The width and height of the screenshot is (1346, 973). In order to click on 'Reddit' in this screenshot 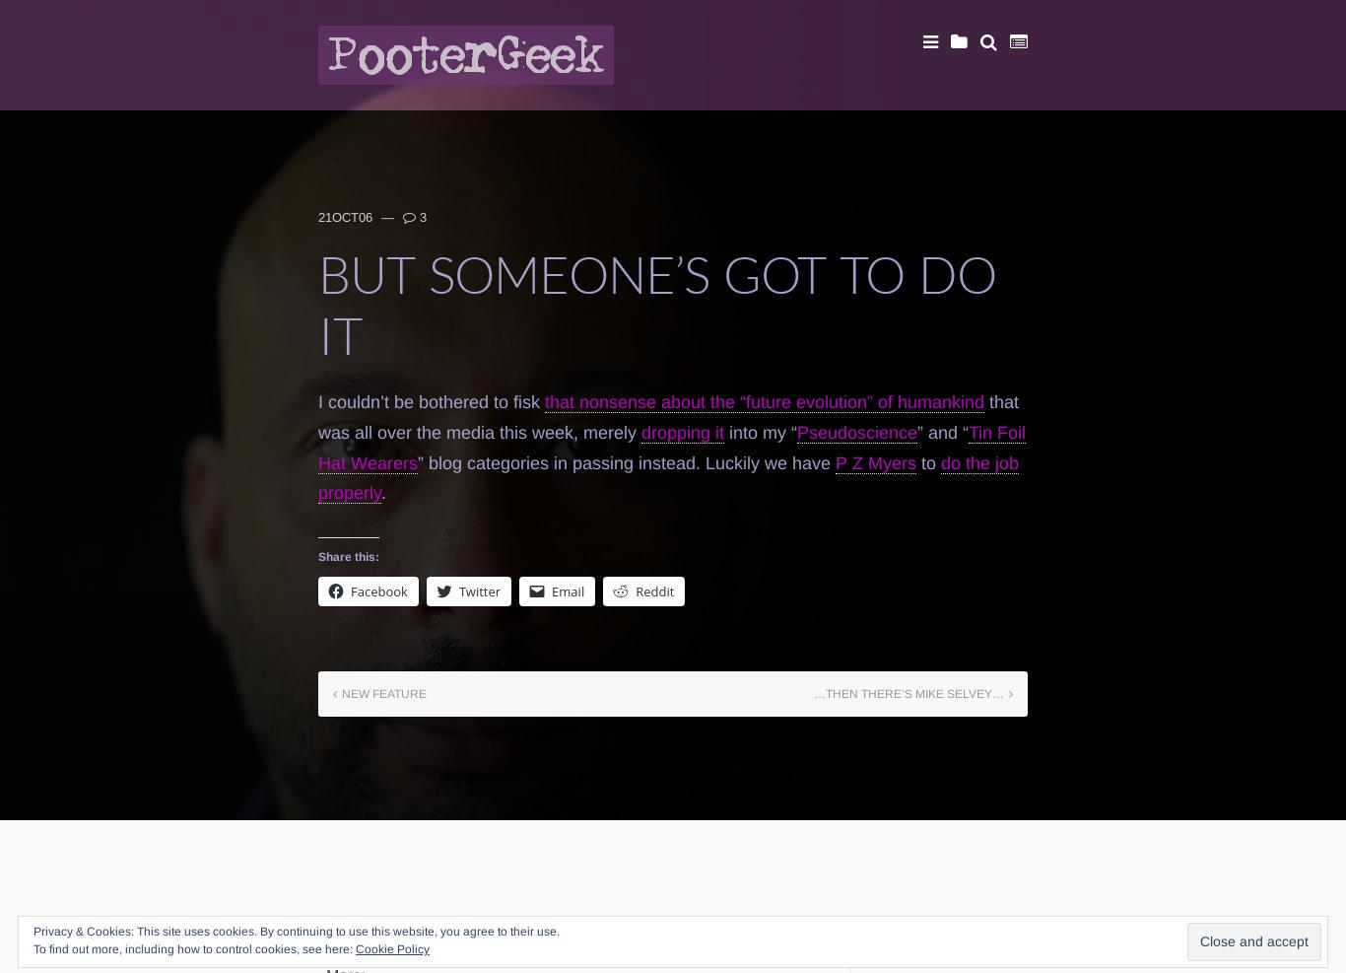, I will do `click(635, 590)`.